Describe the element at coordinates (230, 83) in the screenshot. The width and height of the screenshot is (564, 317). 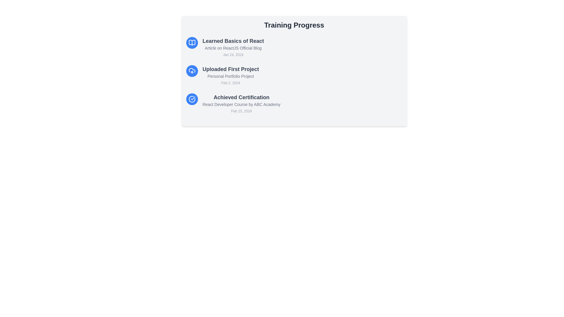
I see `the text label displaying the date 'Feb 2, 2024', which is positioned below the 'Uploaded First Project' title in the training progress list` at that location.